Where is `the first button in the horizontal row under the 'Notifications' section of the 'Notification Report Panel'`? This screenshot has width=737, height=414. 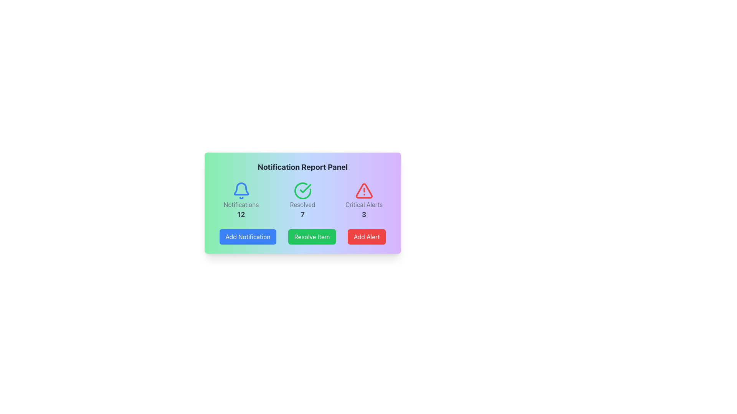
the first button in the horizontal row under the 'Notifications' section of the 'Notification Report Panel' is located at coordinates (248, 236).